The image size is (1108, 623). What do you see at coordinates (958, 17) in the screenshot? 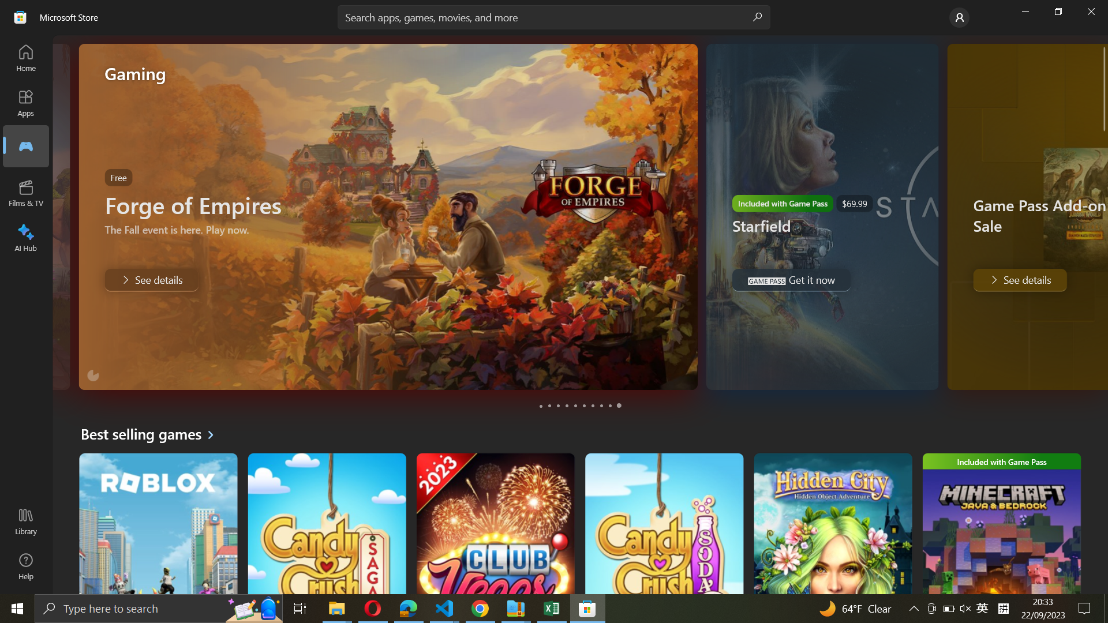
I see `Account settings tab` at bounding box center [958, 17].